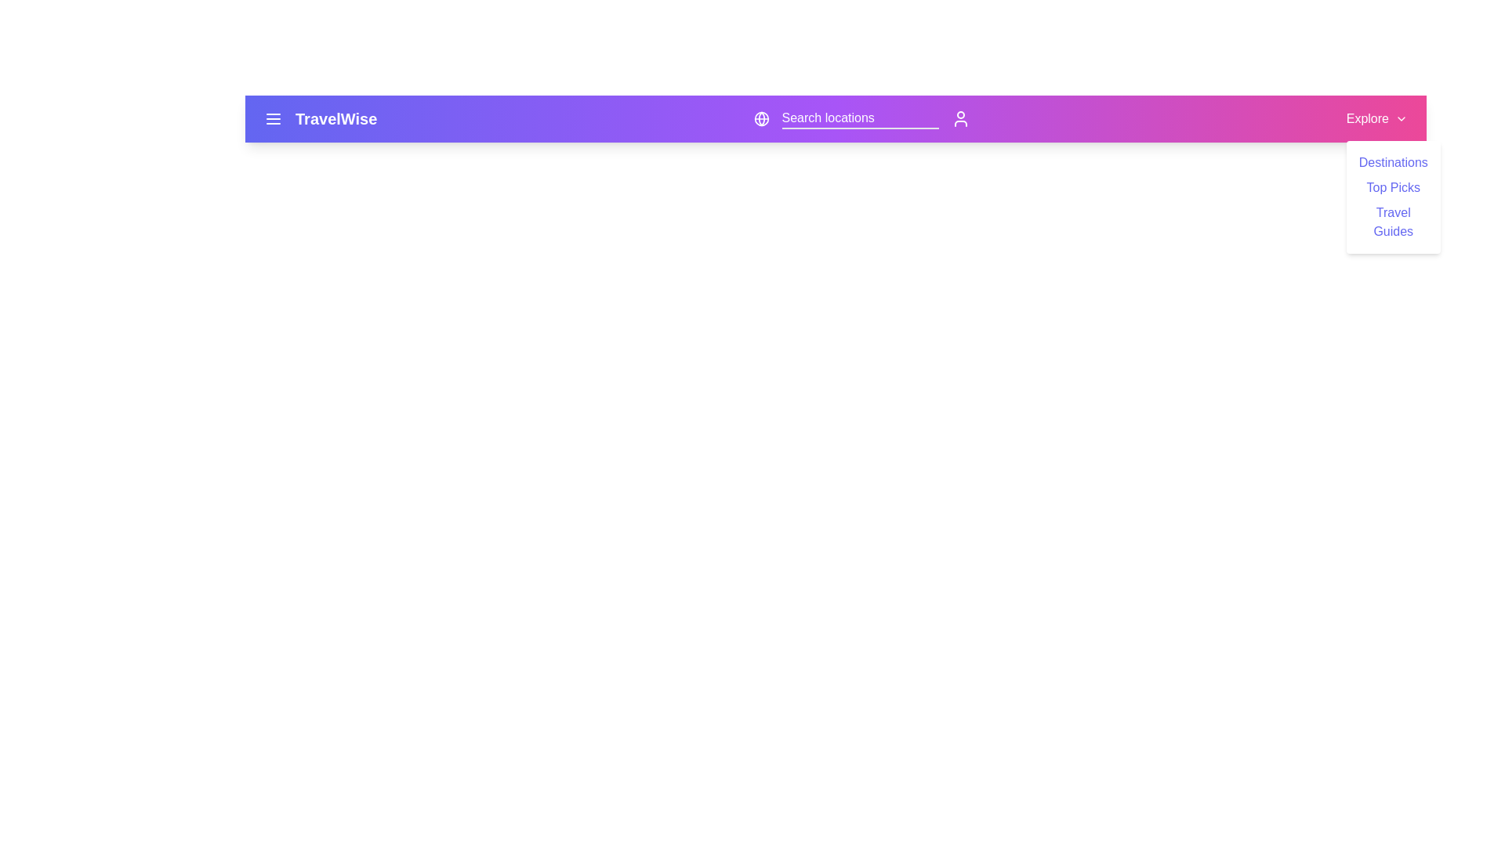 This screenshot has width=1505, height=846. I want to click on the 'Travel Guides' option in the dropdown menu, so click(1393, 222).